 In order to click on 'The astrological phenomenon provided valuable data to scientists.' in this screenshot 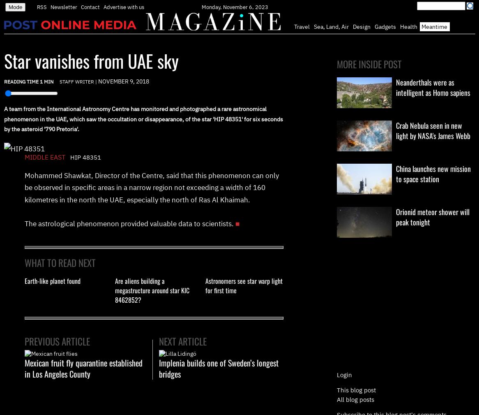, I will do `click(129, 223)`.